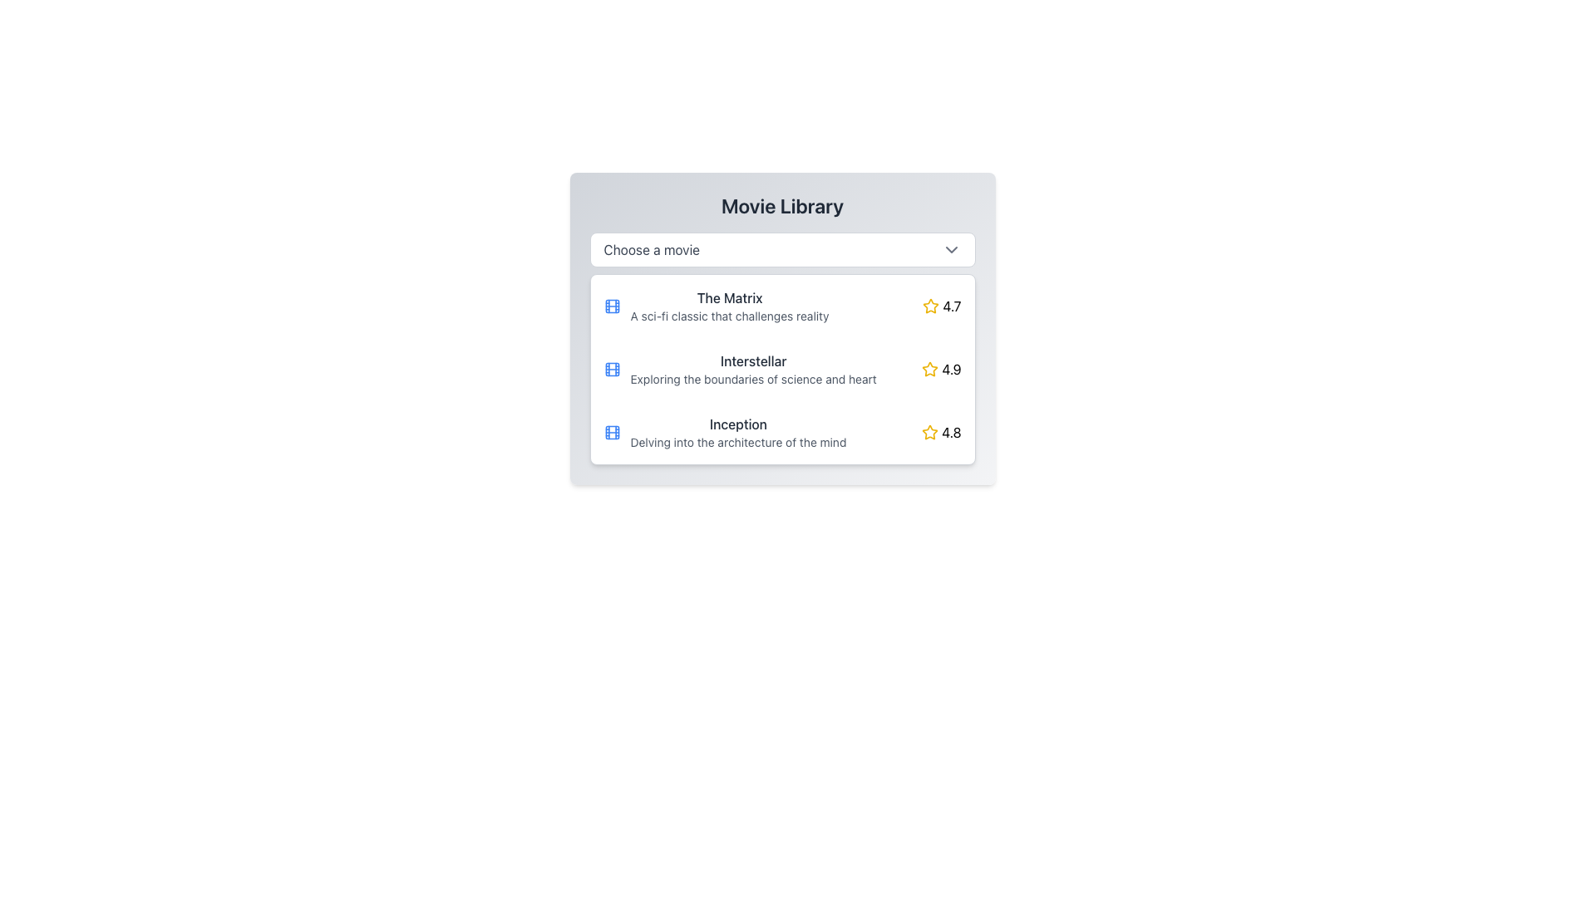 Image resolution: width=1596 pixels, height=897 pixels. What do you see at coordinates (781, 249) in the screenshot?
I see `the dropdown menu labeled 'Choose a movie' located in the 'Movie Library' card` at bounding box center [781, 249].